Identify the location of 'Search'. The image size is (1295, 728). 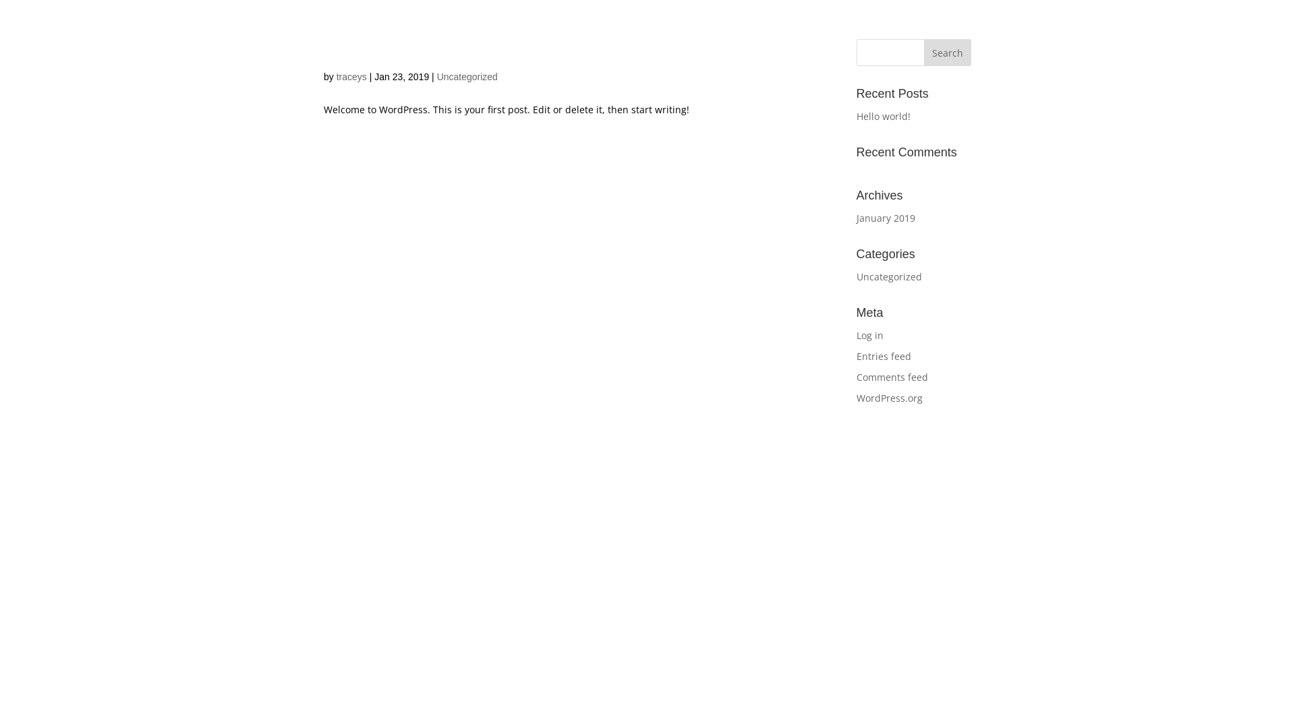
(947, 51).